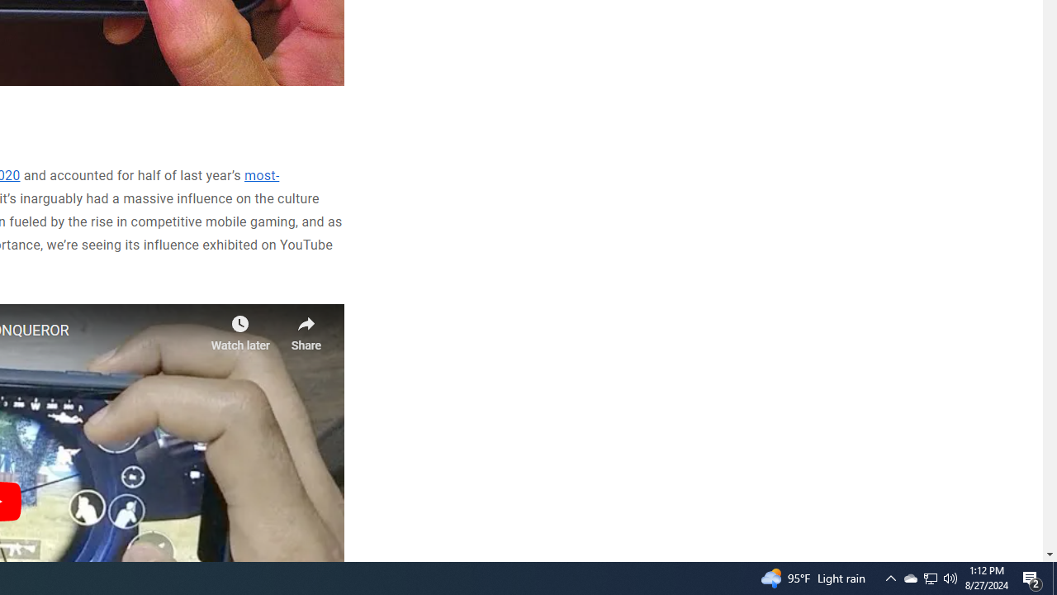 The image size is (1057, 595). I want to click on 'Share', so click(306, 328).